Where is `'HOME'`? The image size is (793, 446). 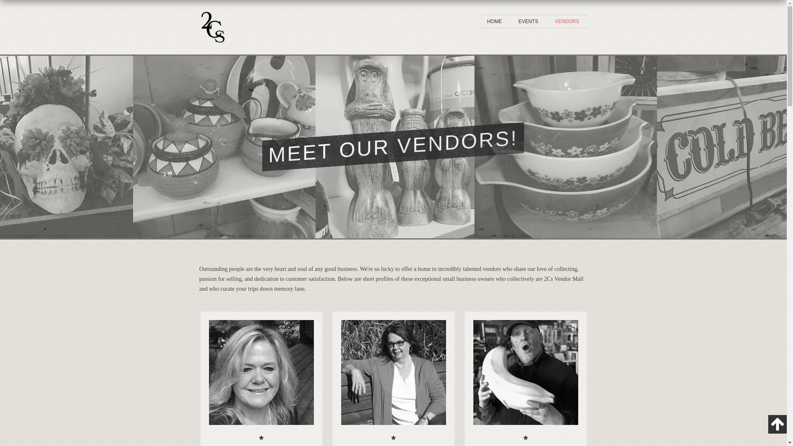 'HOME' is located at coordinates (494, 21).